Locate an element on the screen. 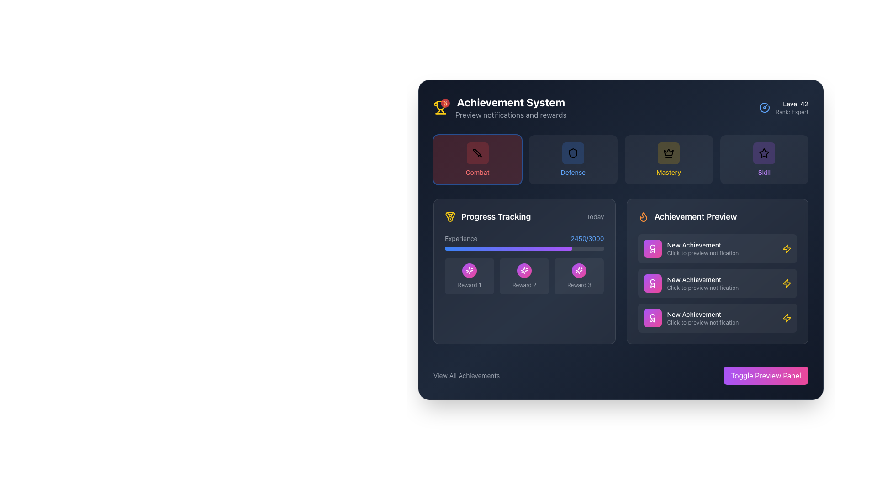 The width and height of the screenshot is (877, 493). the lightning bolt icon, which is styled in vibrant yellow with sharp, angular lines, located in the 'Achievement Preview' section adjacent to the text 'New Achievement - Click to preview notification' is located at coordinates (787, 318).